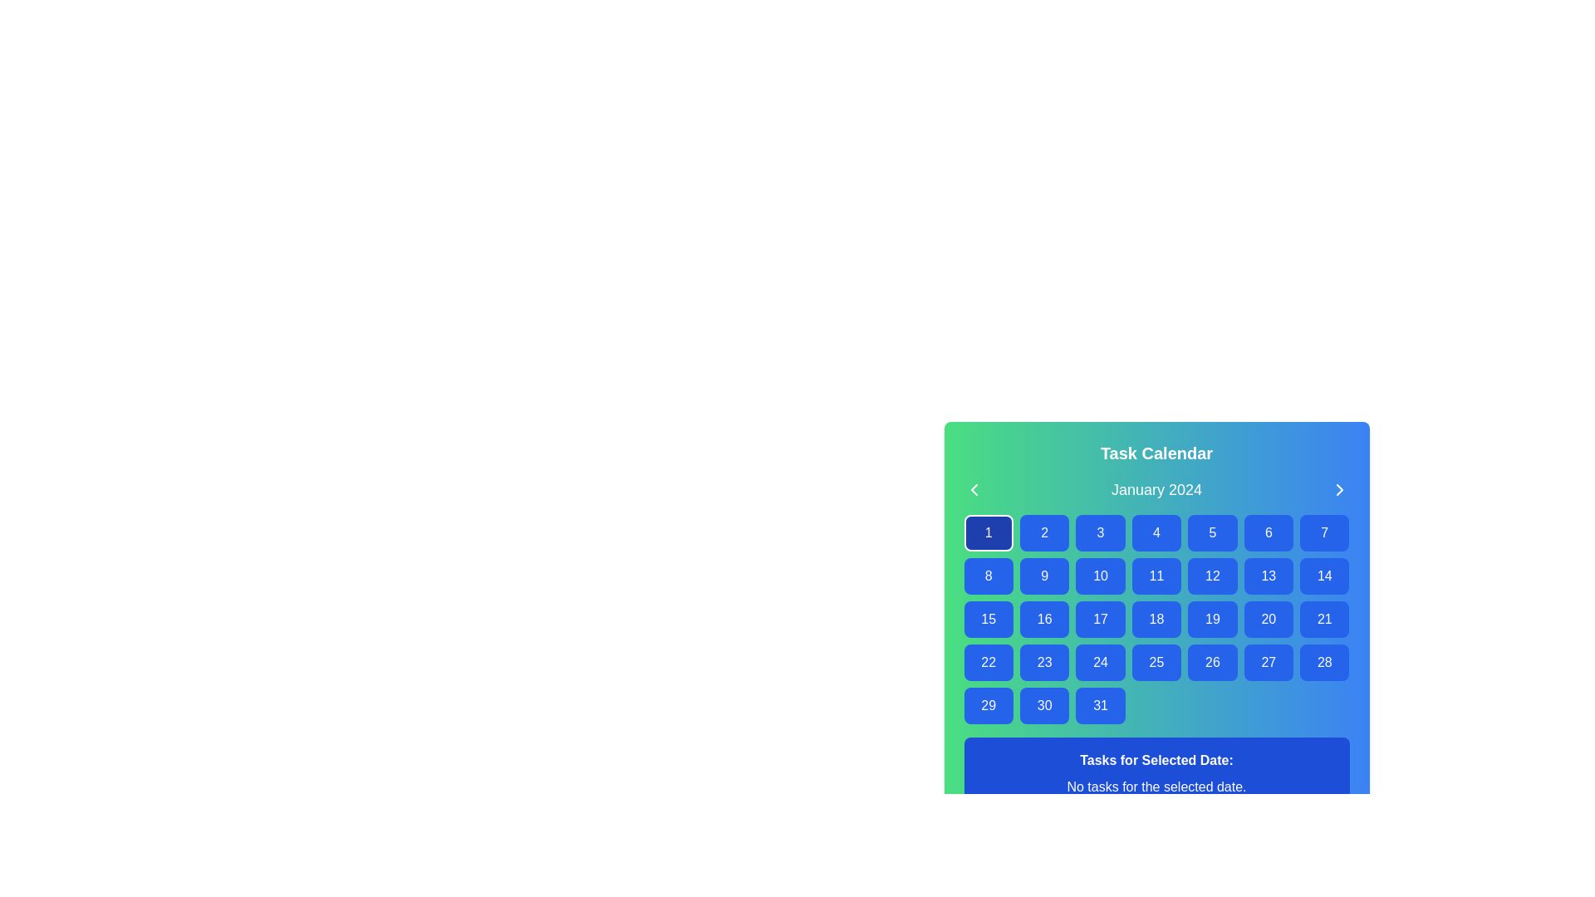 The width and height of the screenshot is (1595, 897). What do you see at coordinates (1156, 619) in the screenshot?
I see `the blue square button with rounded borders displaying '18' in white text` at bounding box center [1156, 619].